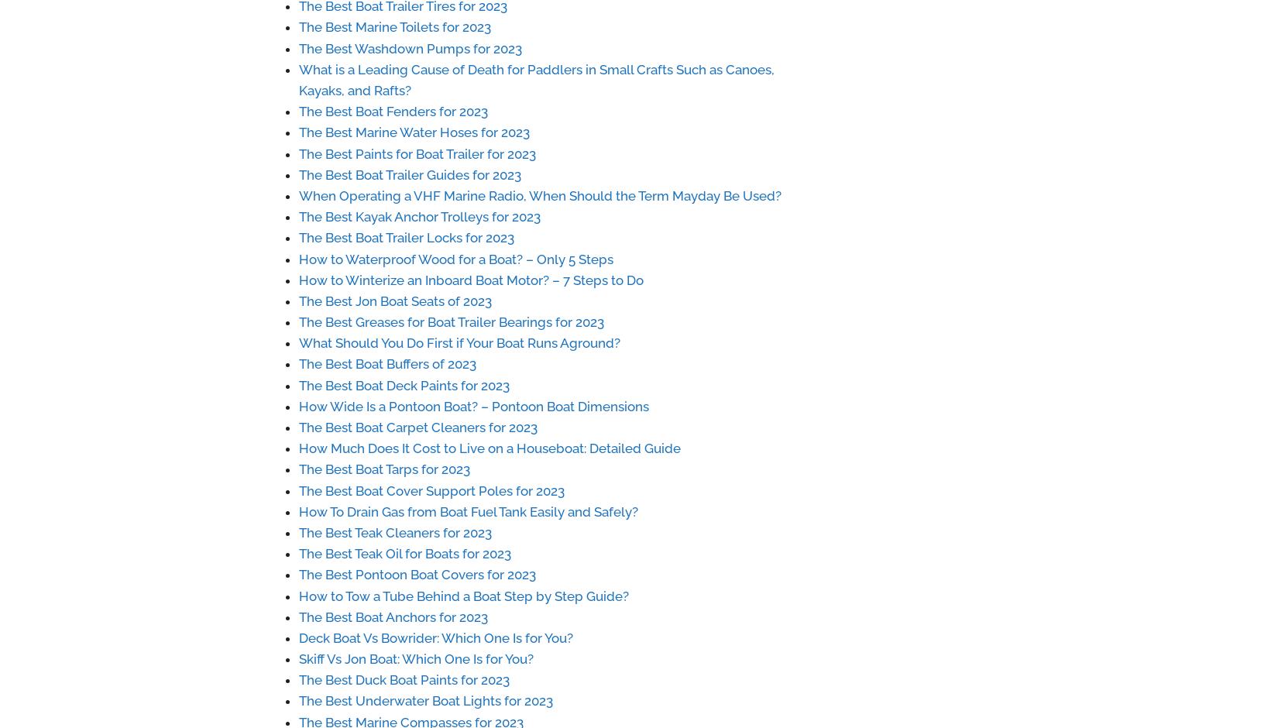  What do you see at coordinates (393, 111) in the screenshot?
I see `'The Best Boat Fenders for 2023'` at bounding box center [393, 111].